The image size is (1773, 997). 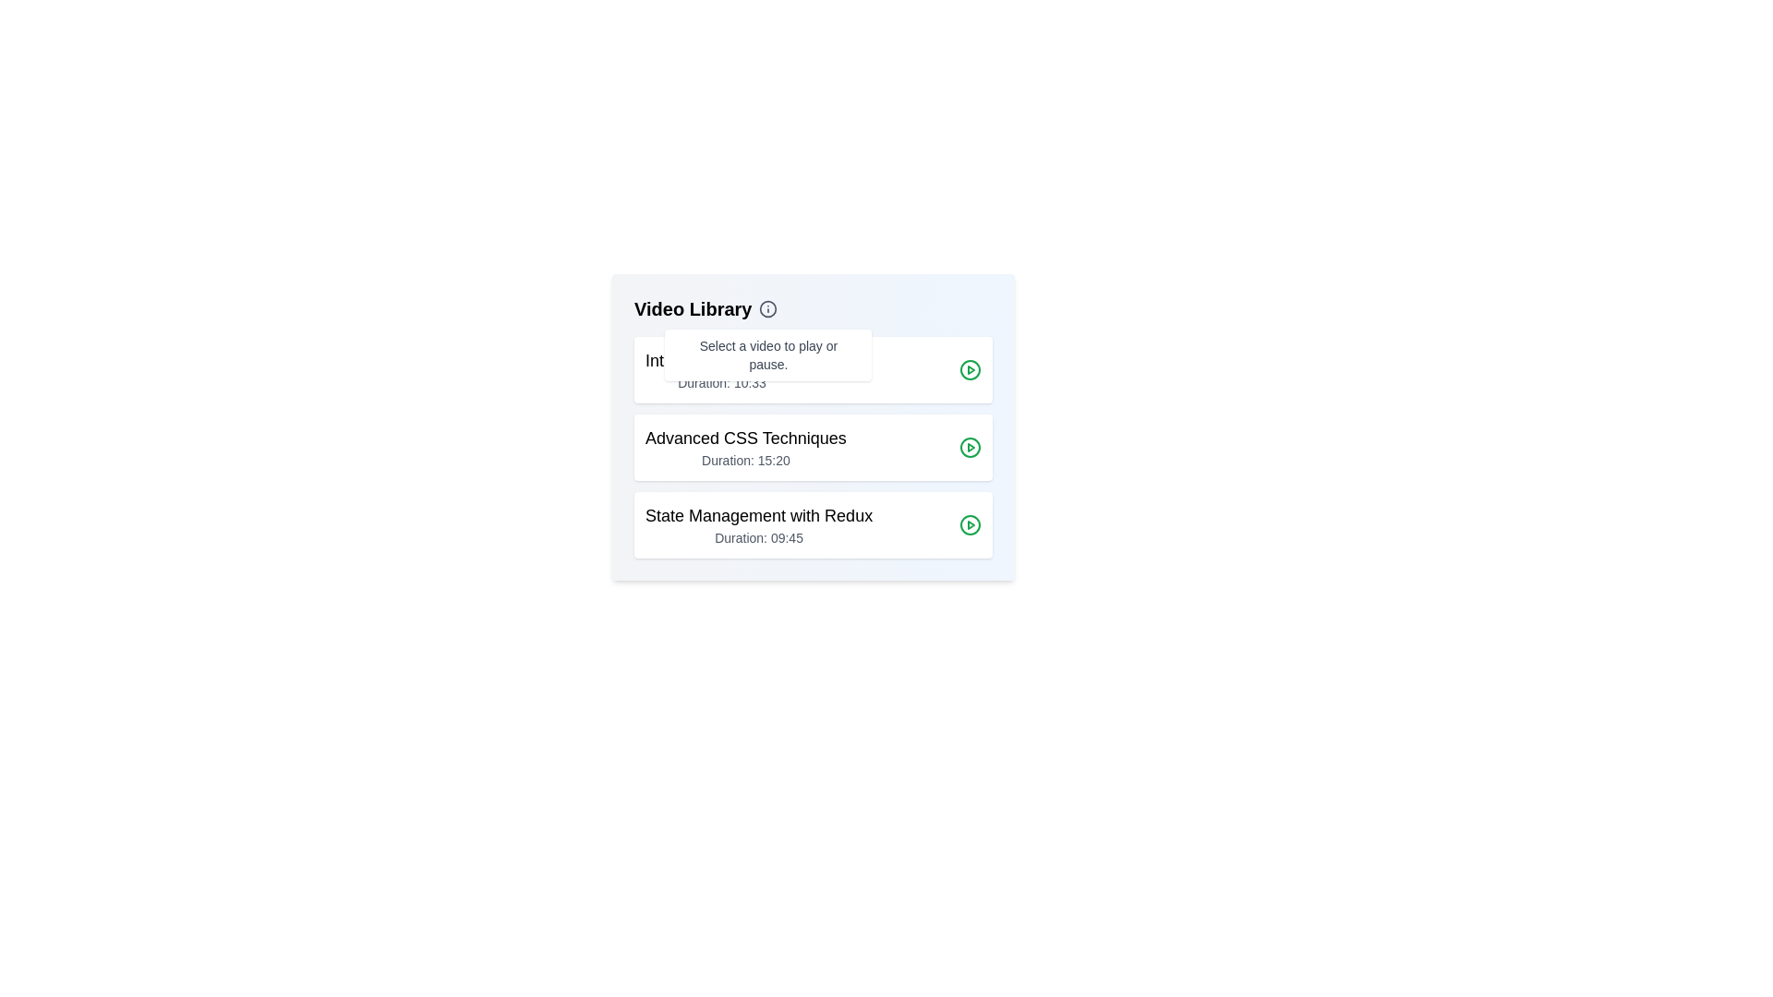 I want to click on the Text Label displaying the duration of the video tutorial titled 'Introduction to React', so click(x=721, y=382).